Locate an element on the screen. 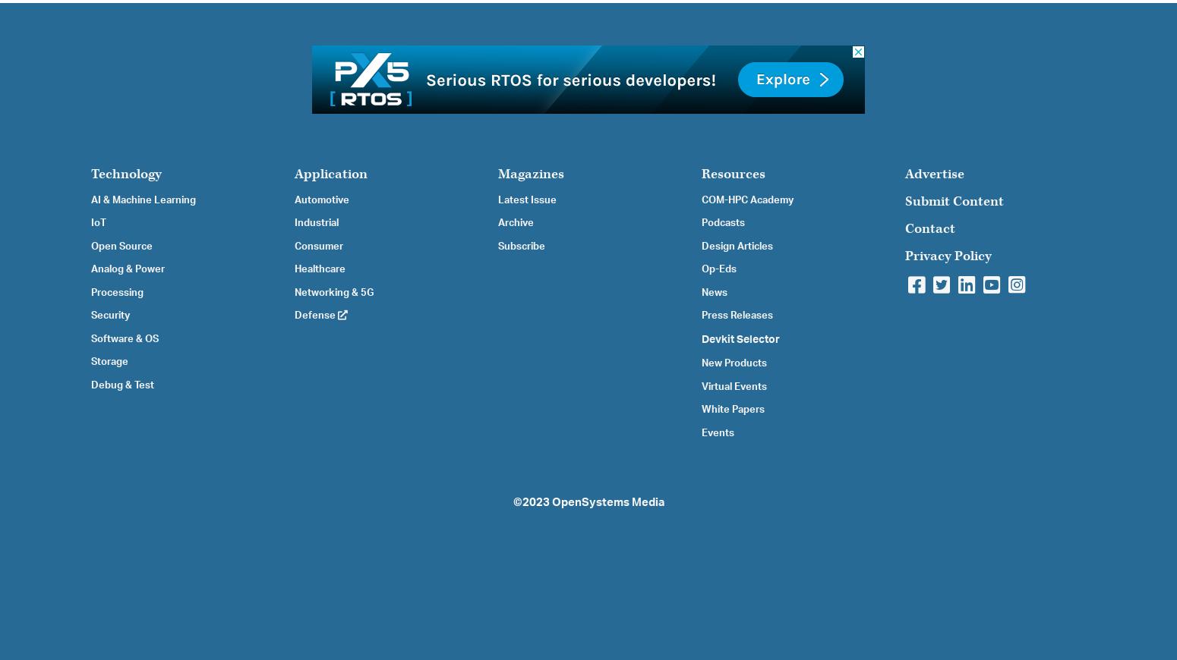 Image resolution: width=1177 pixels, height=660 pixels. 'Resources' is located at coordinates (701, 173).